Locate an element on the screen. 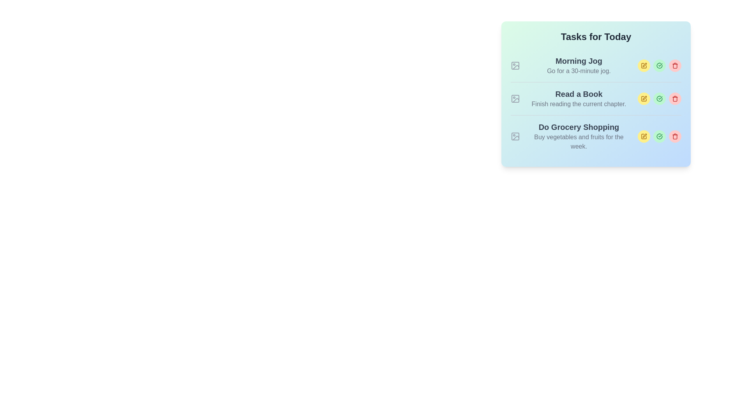  the red circular delete button for the task 'Morning Jog' is located at coordinates (674, 65).